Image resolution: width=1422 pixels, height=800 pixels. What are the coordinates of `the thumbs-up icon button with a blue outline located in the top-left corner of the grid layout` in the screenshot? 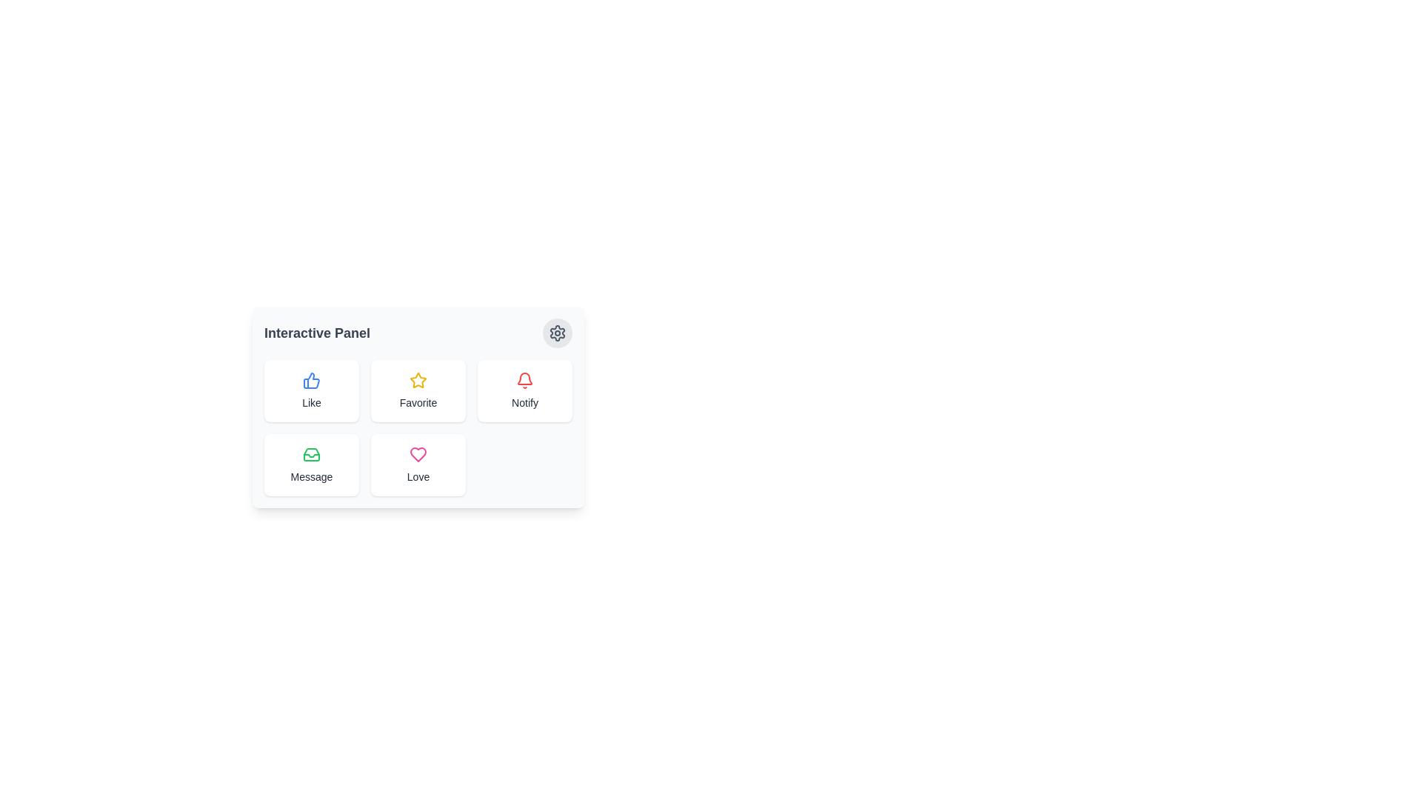 It's located at (310, 379).